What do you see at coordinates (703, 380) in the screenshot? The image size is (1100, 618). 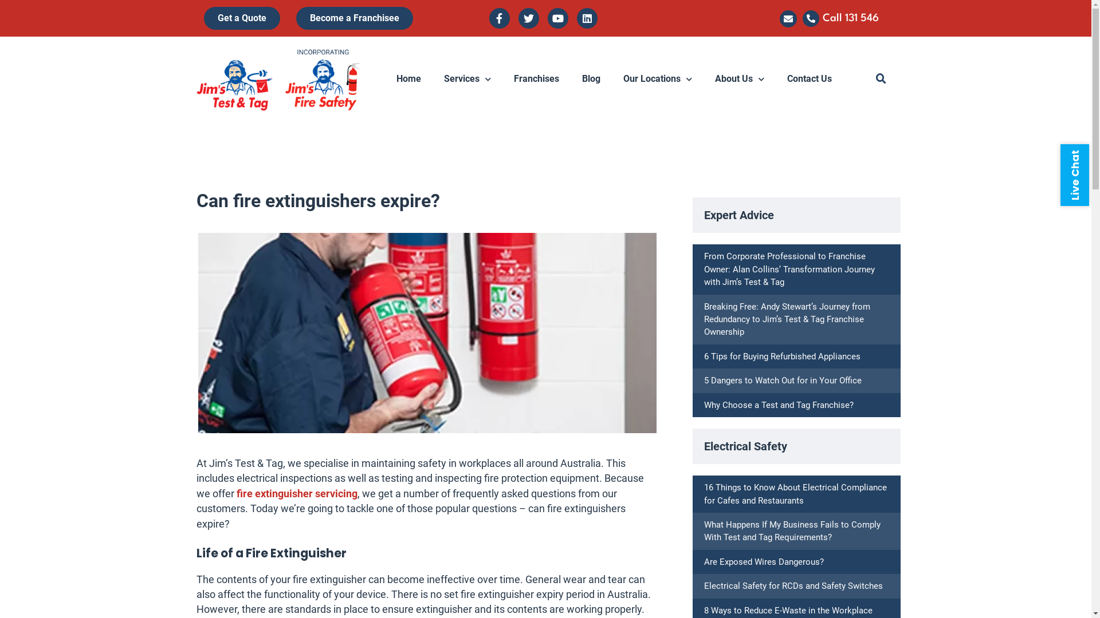 I see `'5 Dangers to Watch Out for in Your Office'` at bounding box center [703, 380].